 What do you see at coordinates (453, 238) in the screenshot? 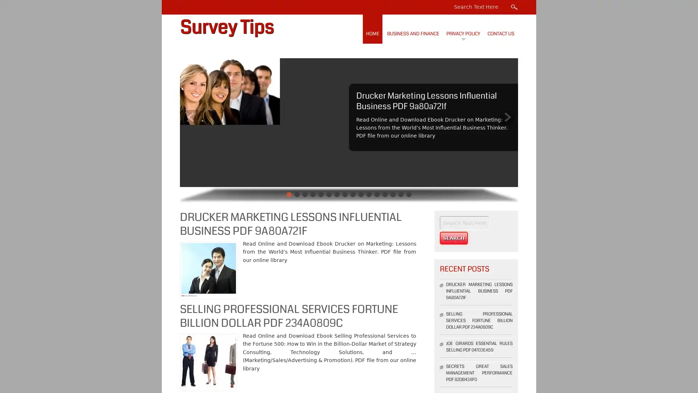
I see `Search` at bounding box center [453, 238].